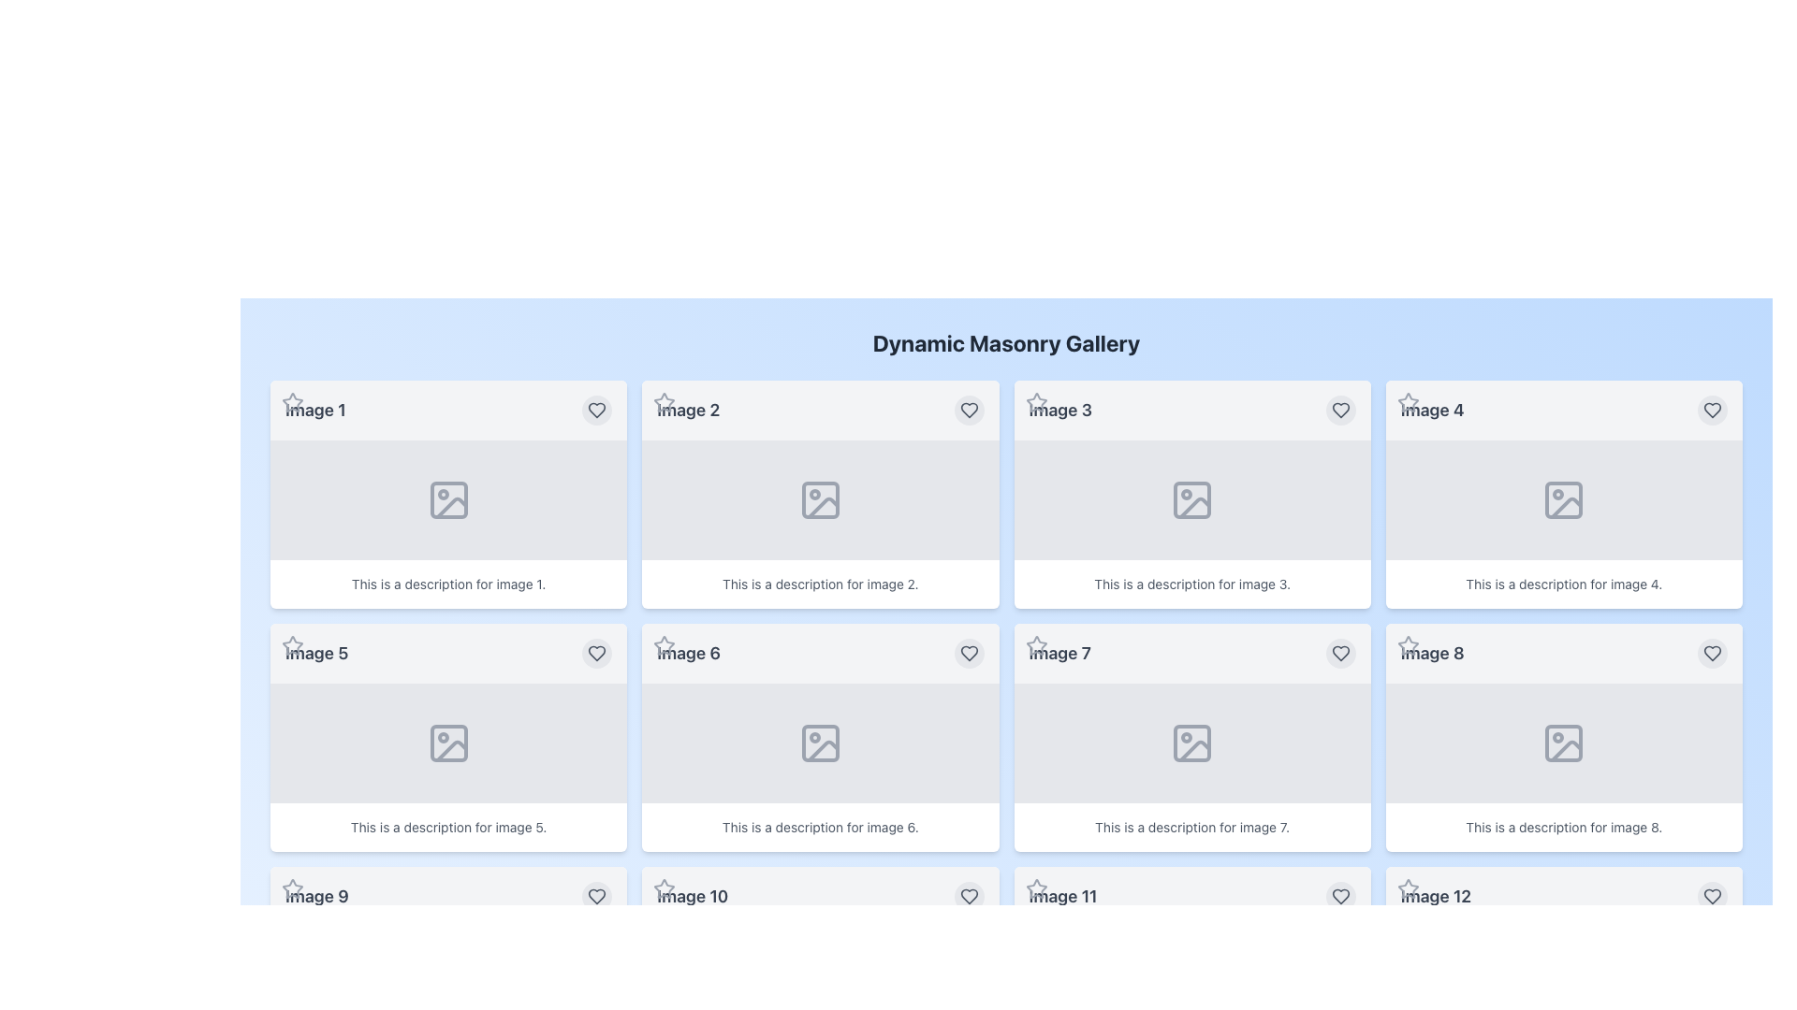 This screenshot has width=1797, height=1010. I want to click on the circular button with a heart-shaped icon in the top right corner of the card labeled 'Image 1' to like or favorite the image, so click(596, 410).